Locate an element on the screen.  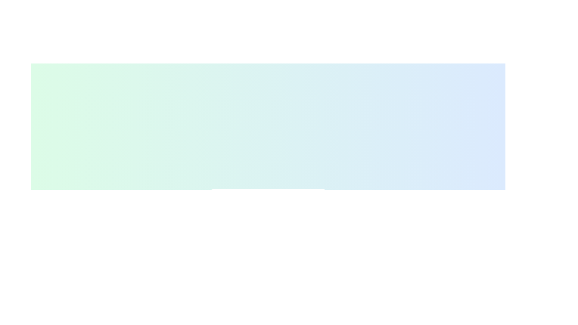
the main outlined SVG circle located at the center of the SVG graphic, which serves as a visual representation within the interface is located at coordinates (268, 202).